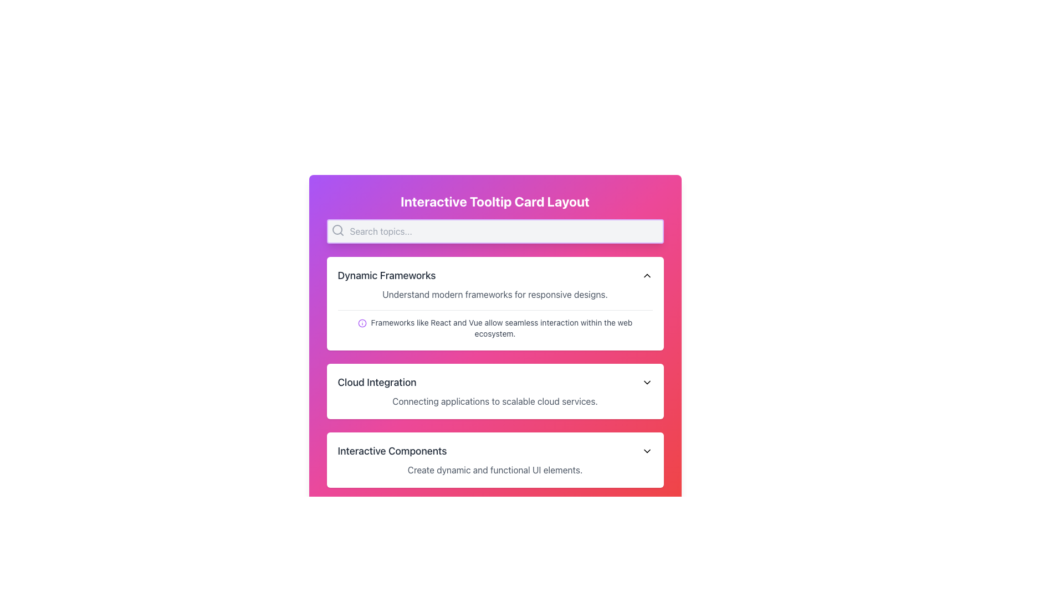 The image size is (1064, 598). I want to click on the visual details of the icon located to the left of the descriptive text 'Frameworks like React and Vue allow seamless interaction within the web ecosystem' in the 'Dynamic Frameworks' section, so click(362, 323).